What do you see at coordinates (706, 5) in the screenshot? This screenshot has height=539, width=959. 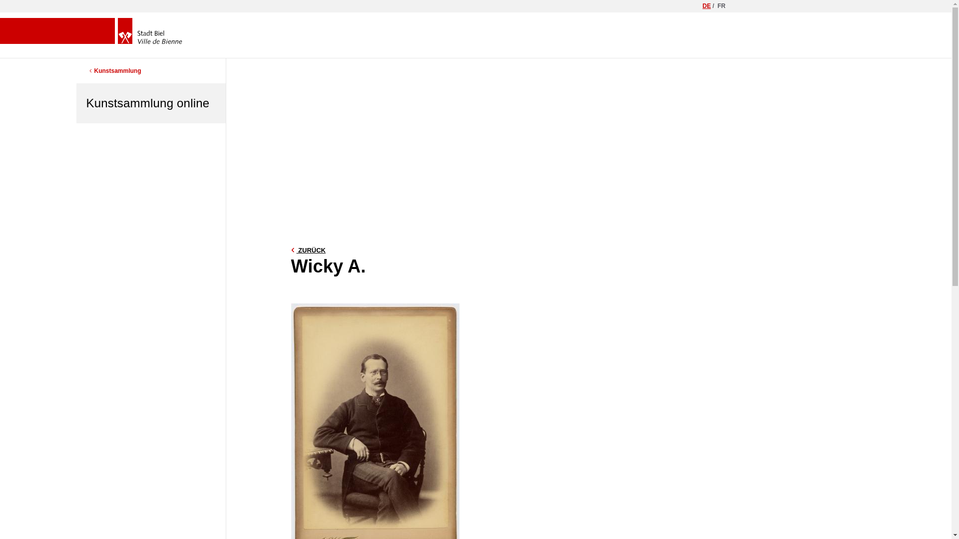 I see `'DE'` at bounding box center [706, 5].